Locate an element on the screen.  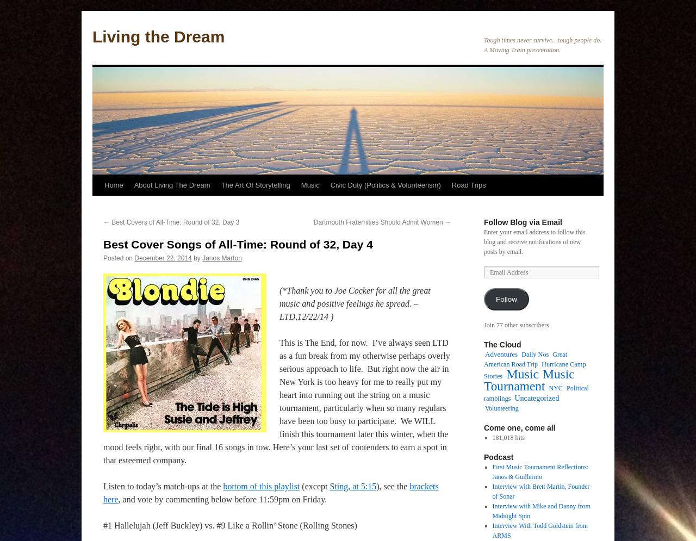
'Sting, at 5:15' is located at coordinates (352, 486).